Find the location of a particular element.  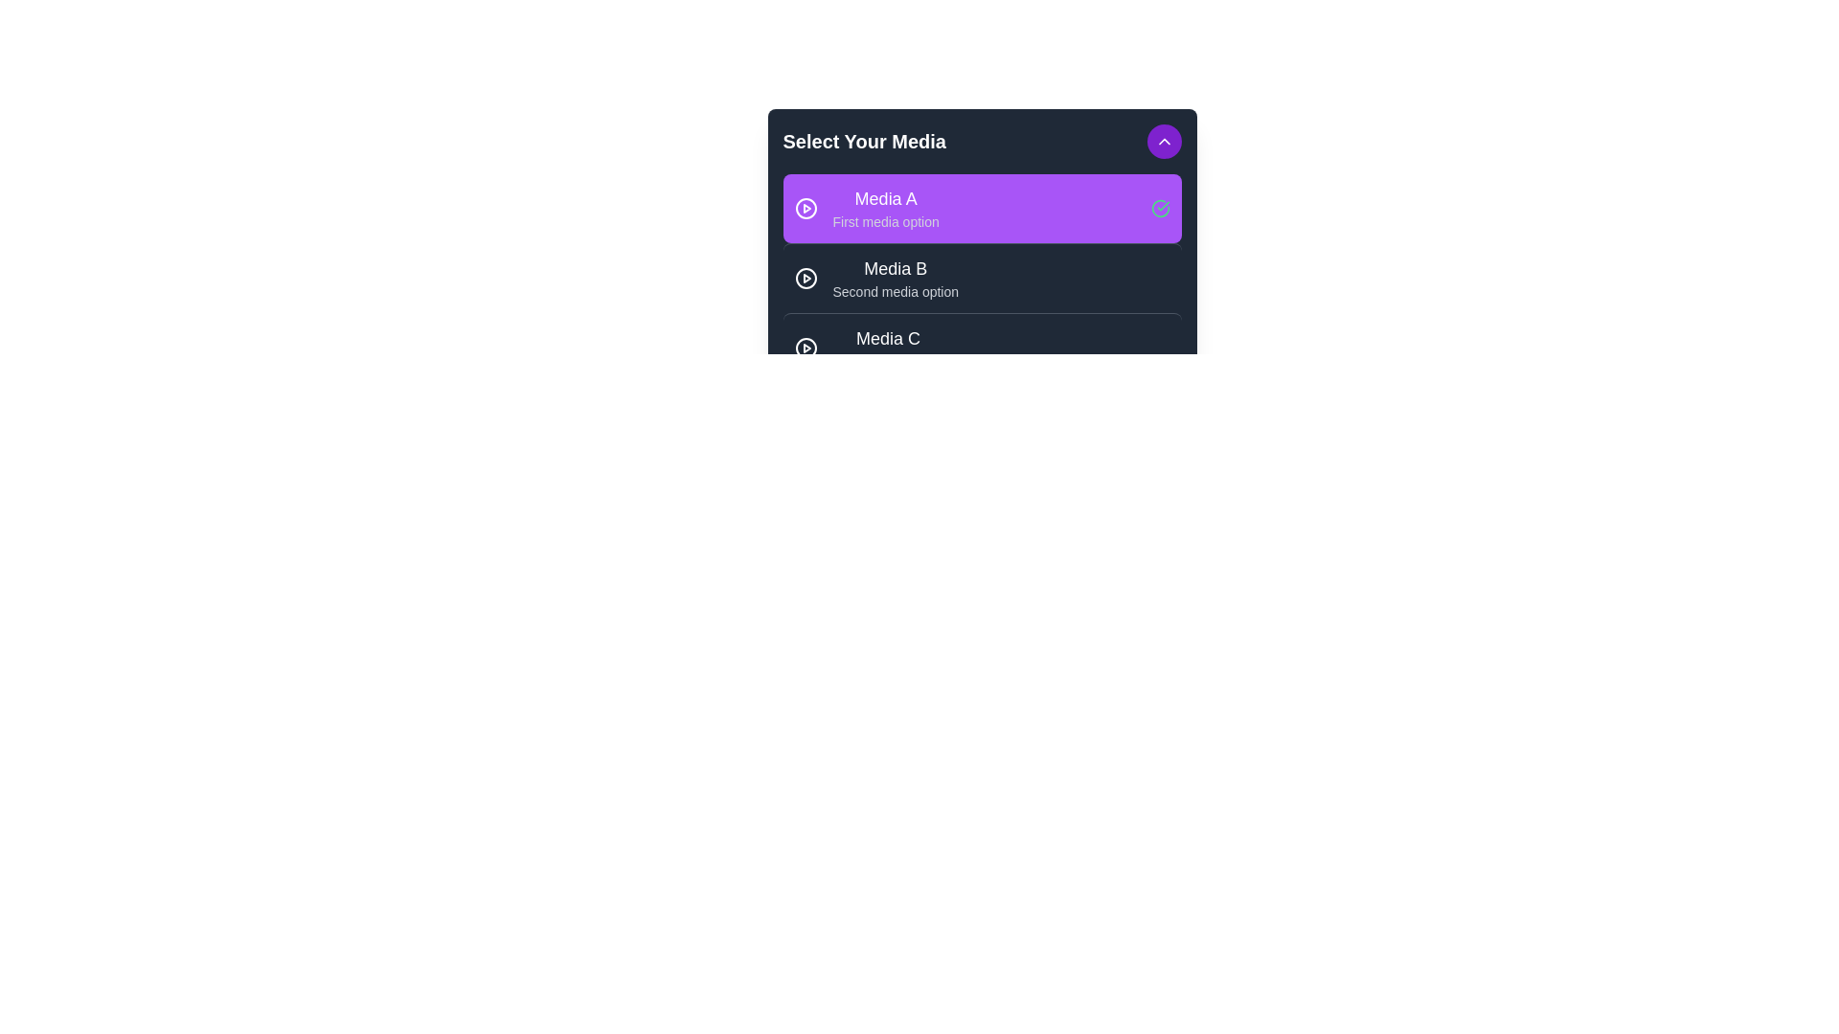

the media option Media B from the list is located at coordinates (982, 278).